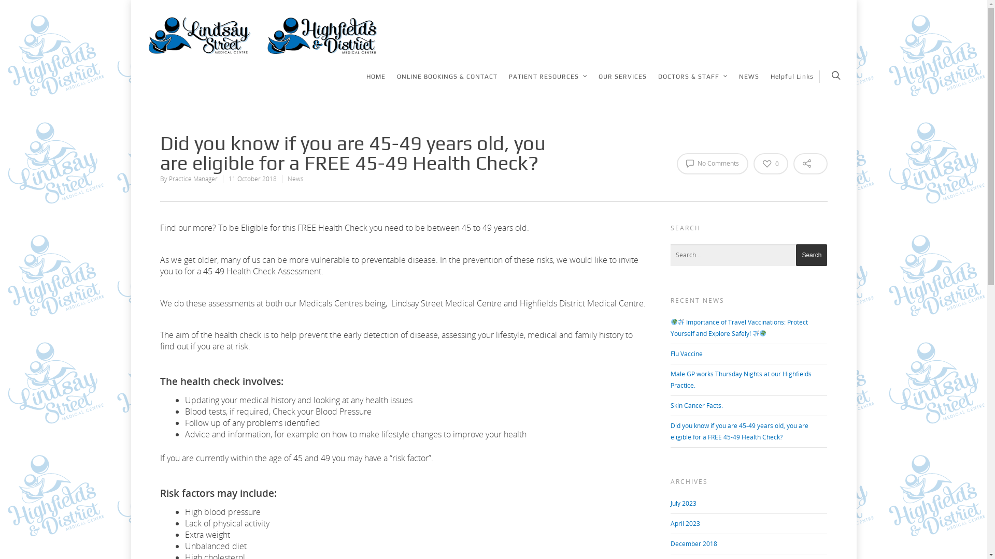 The height and width of the screenshot is (559, 995). I want to click on 'Skin Cancer Facts.', so click(696, 405).